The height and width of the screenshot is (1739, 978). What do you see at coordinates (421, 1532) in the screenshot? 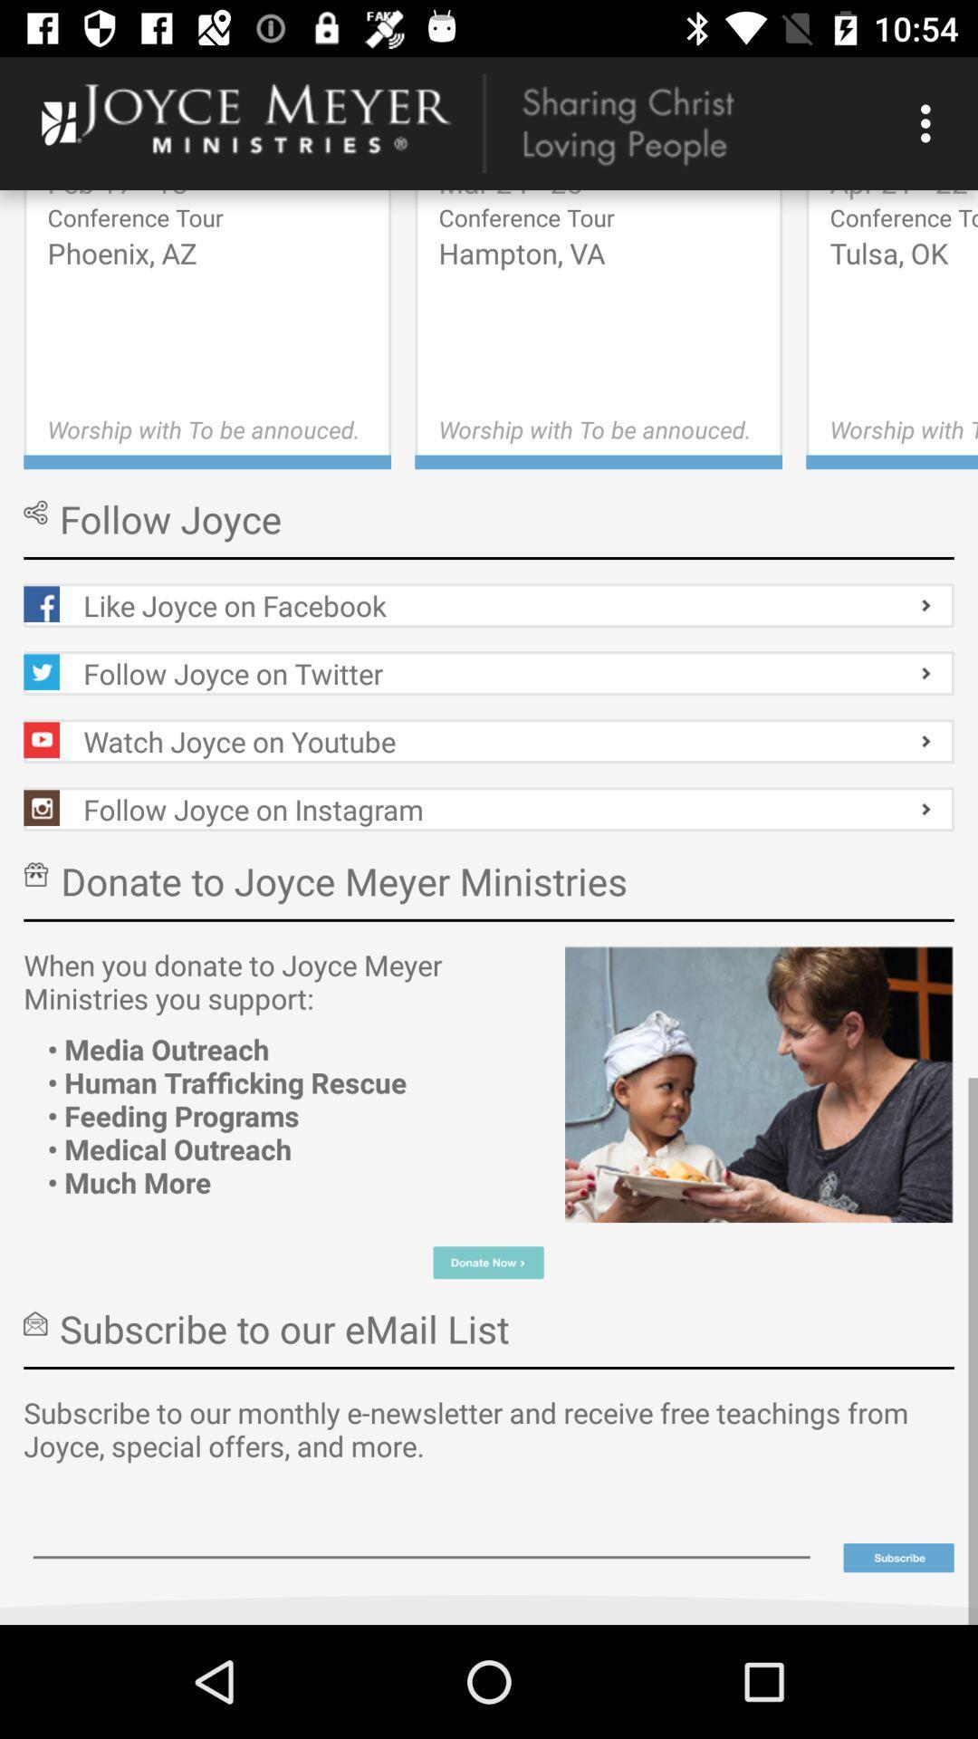
I see `input email` at bounding box center [421, 1532].